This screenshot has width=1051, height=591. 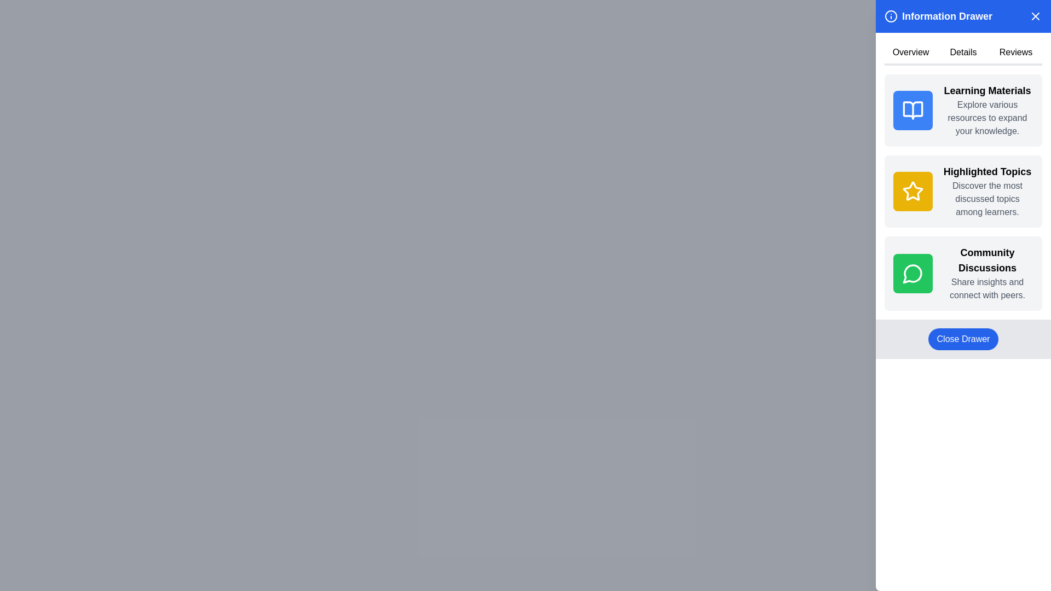 I want to click on on the Informative card located at the bottom of the three content blocks within the 'Information Drawer' section, so click(x=963, y=273).